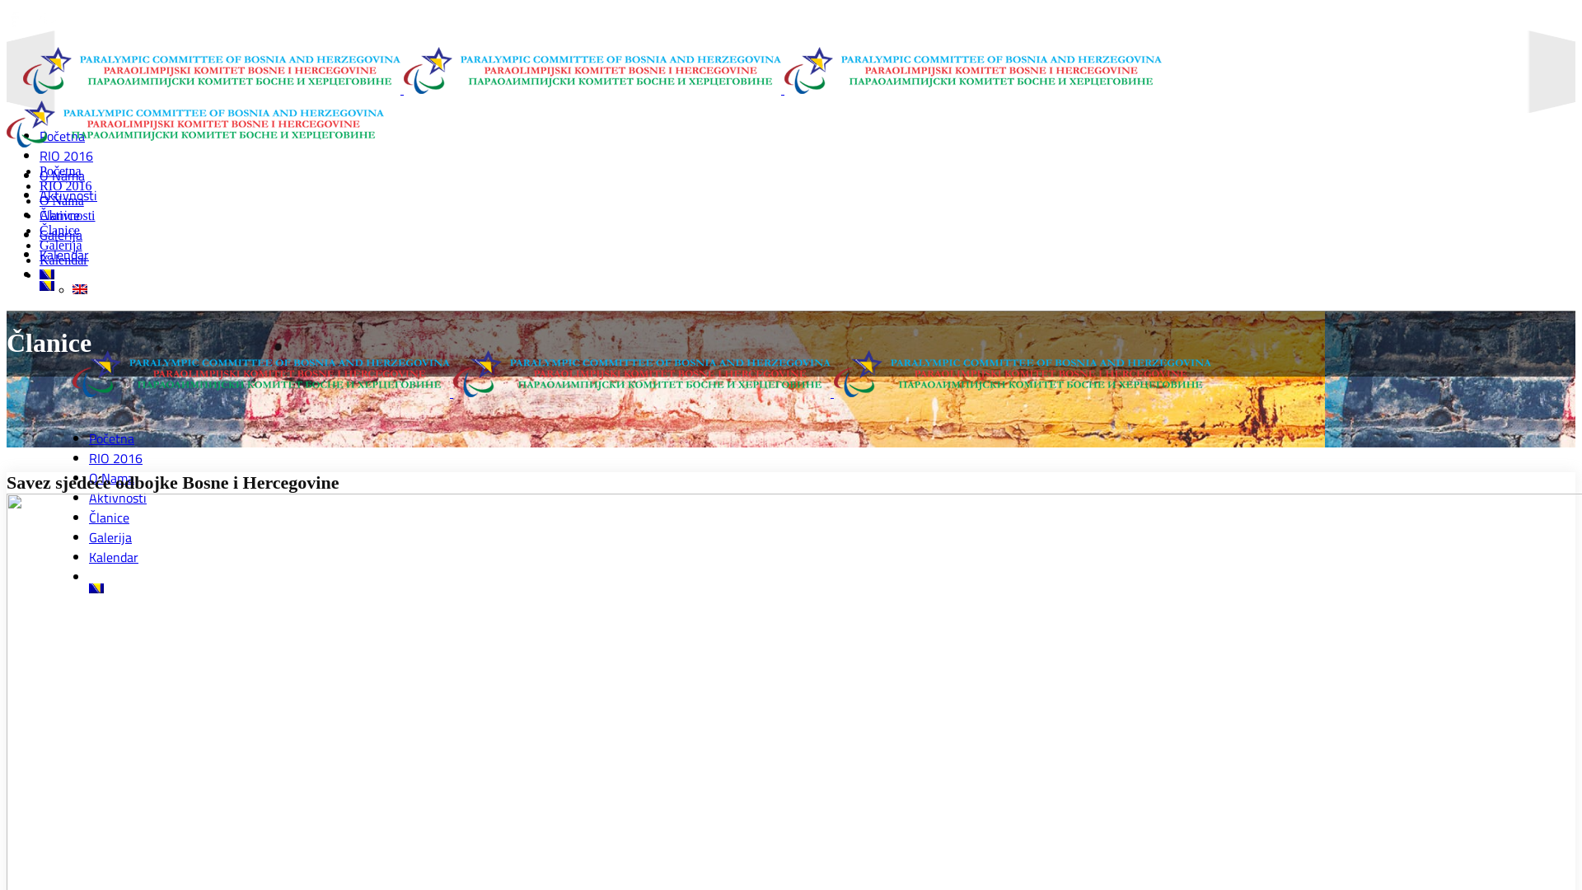  What do you see at coordinates (60, 235) in the screenshot?
I see `'Galerija'` at bounding box center [60, 235].